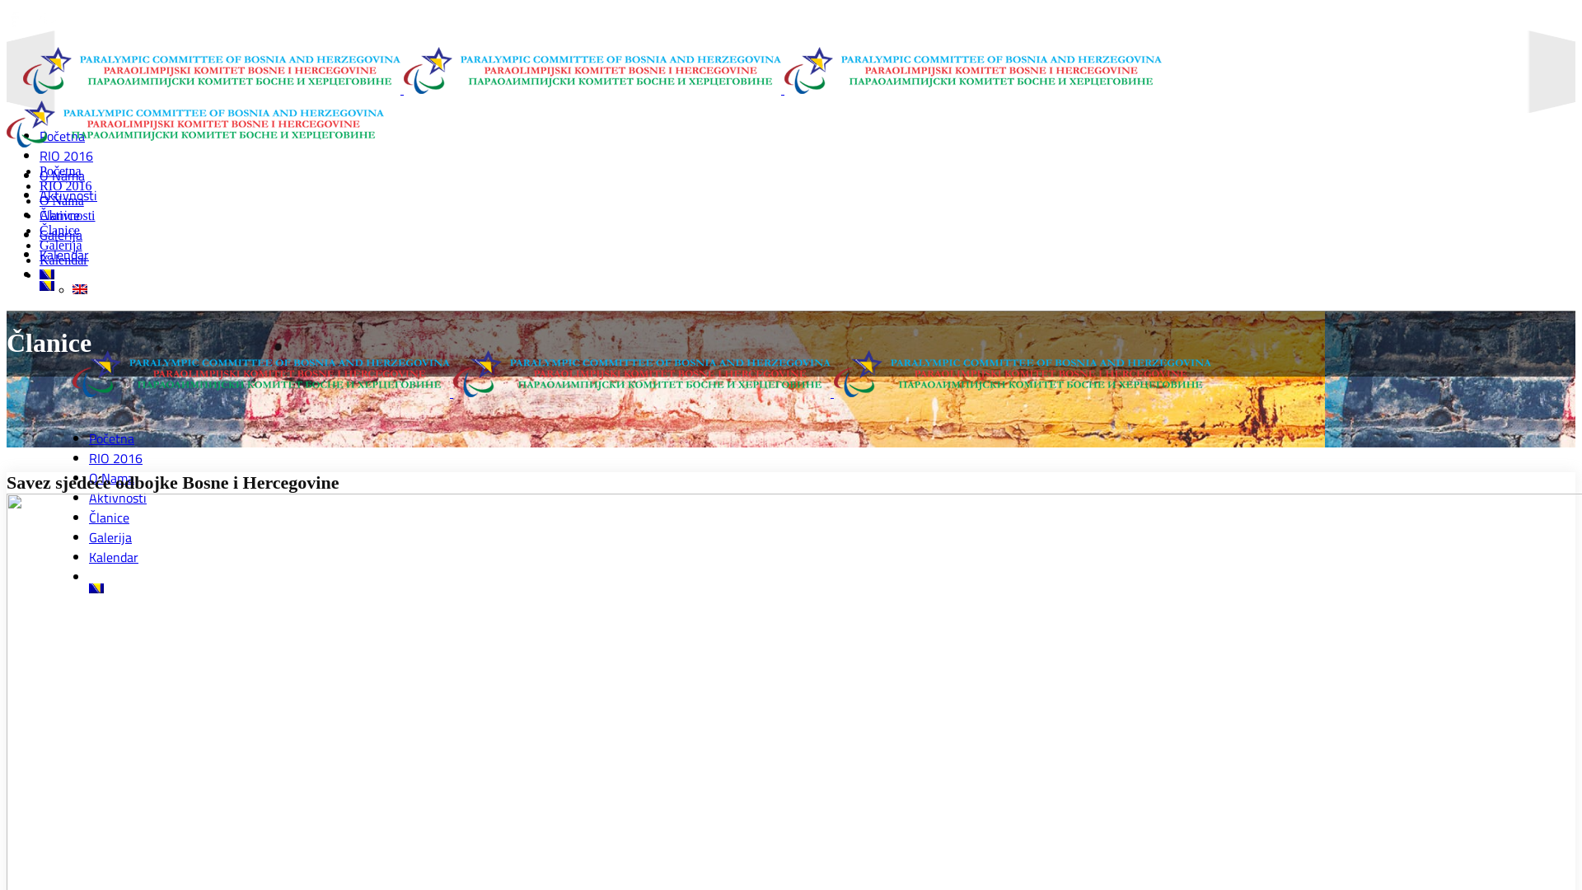  What do you see at coordinates (60, 235) in the screenshot?
I see `'Galerija'` at bounding box center [60, 235].